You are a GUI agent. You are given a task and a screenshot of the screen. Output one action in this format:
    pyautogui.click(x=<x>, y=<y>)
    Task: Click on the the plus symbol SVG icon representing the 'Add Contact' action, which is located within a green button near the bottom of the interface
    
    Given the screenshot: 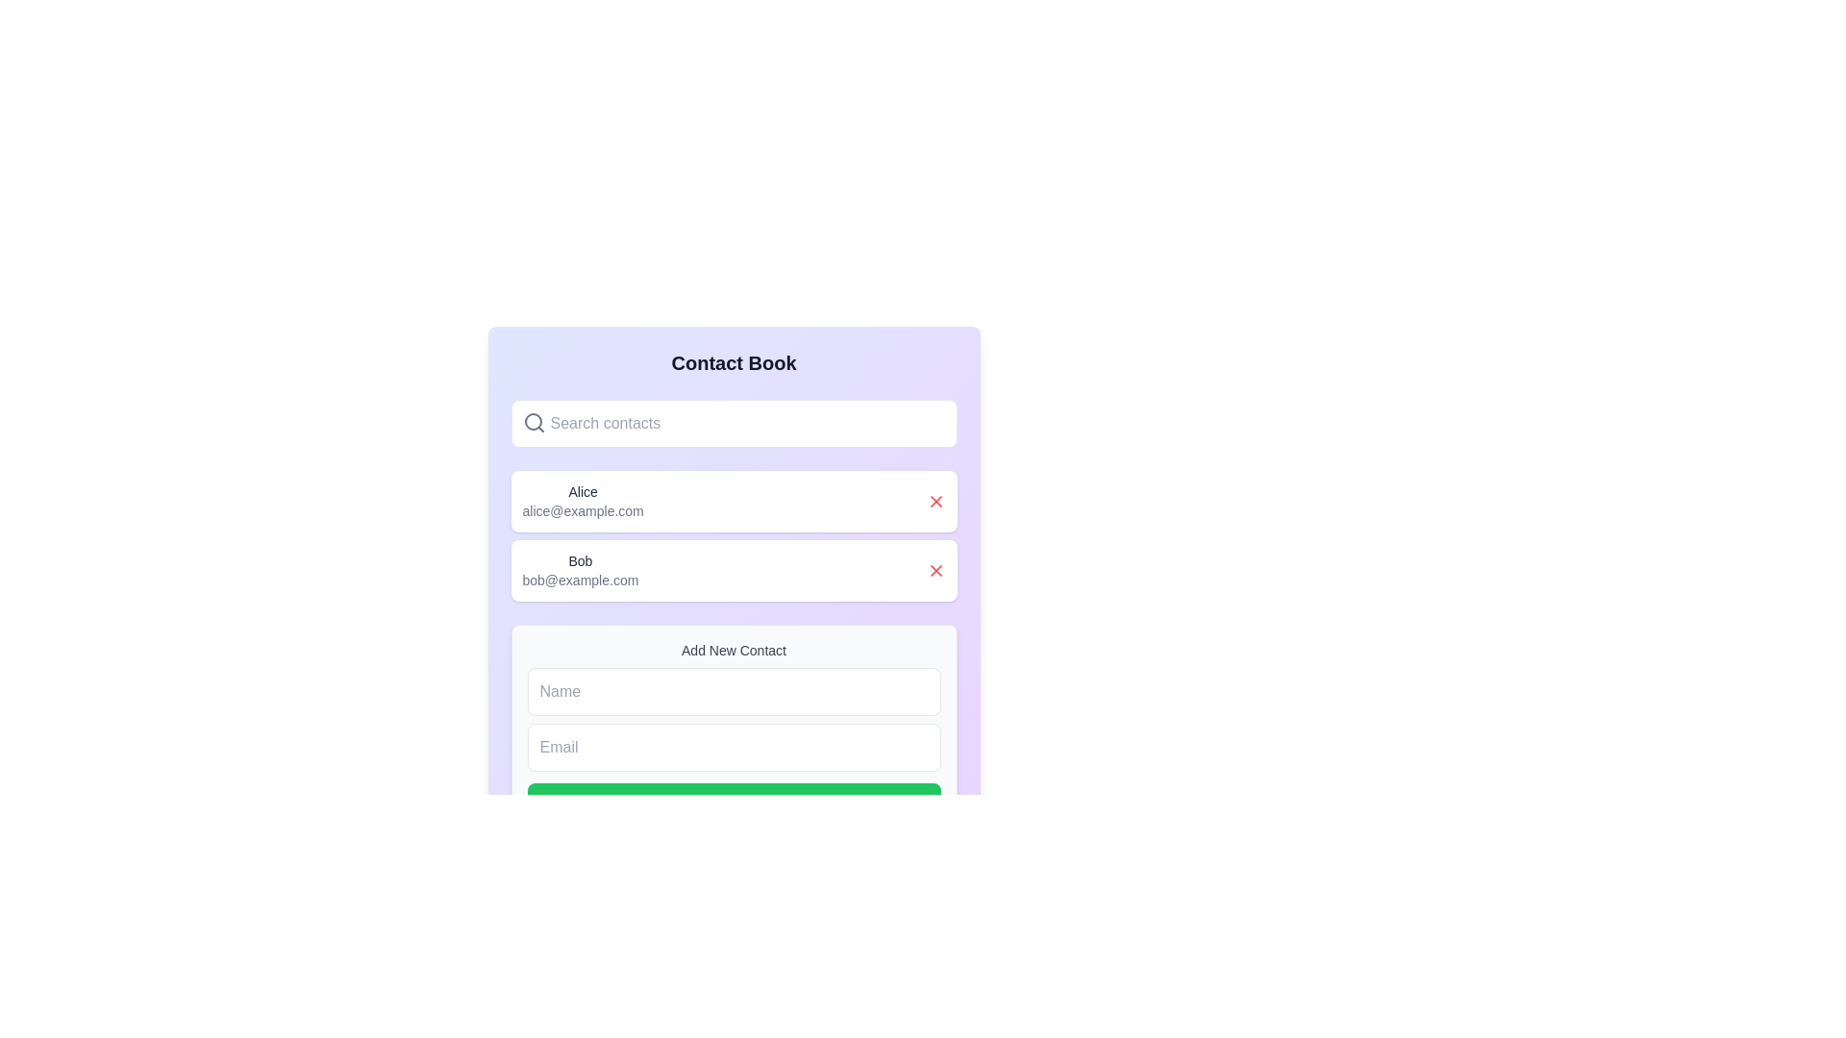 What is the action you would take?
    pyautogui.click(x=686, y=803)
    